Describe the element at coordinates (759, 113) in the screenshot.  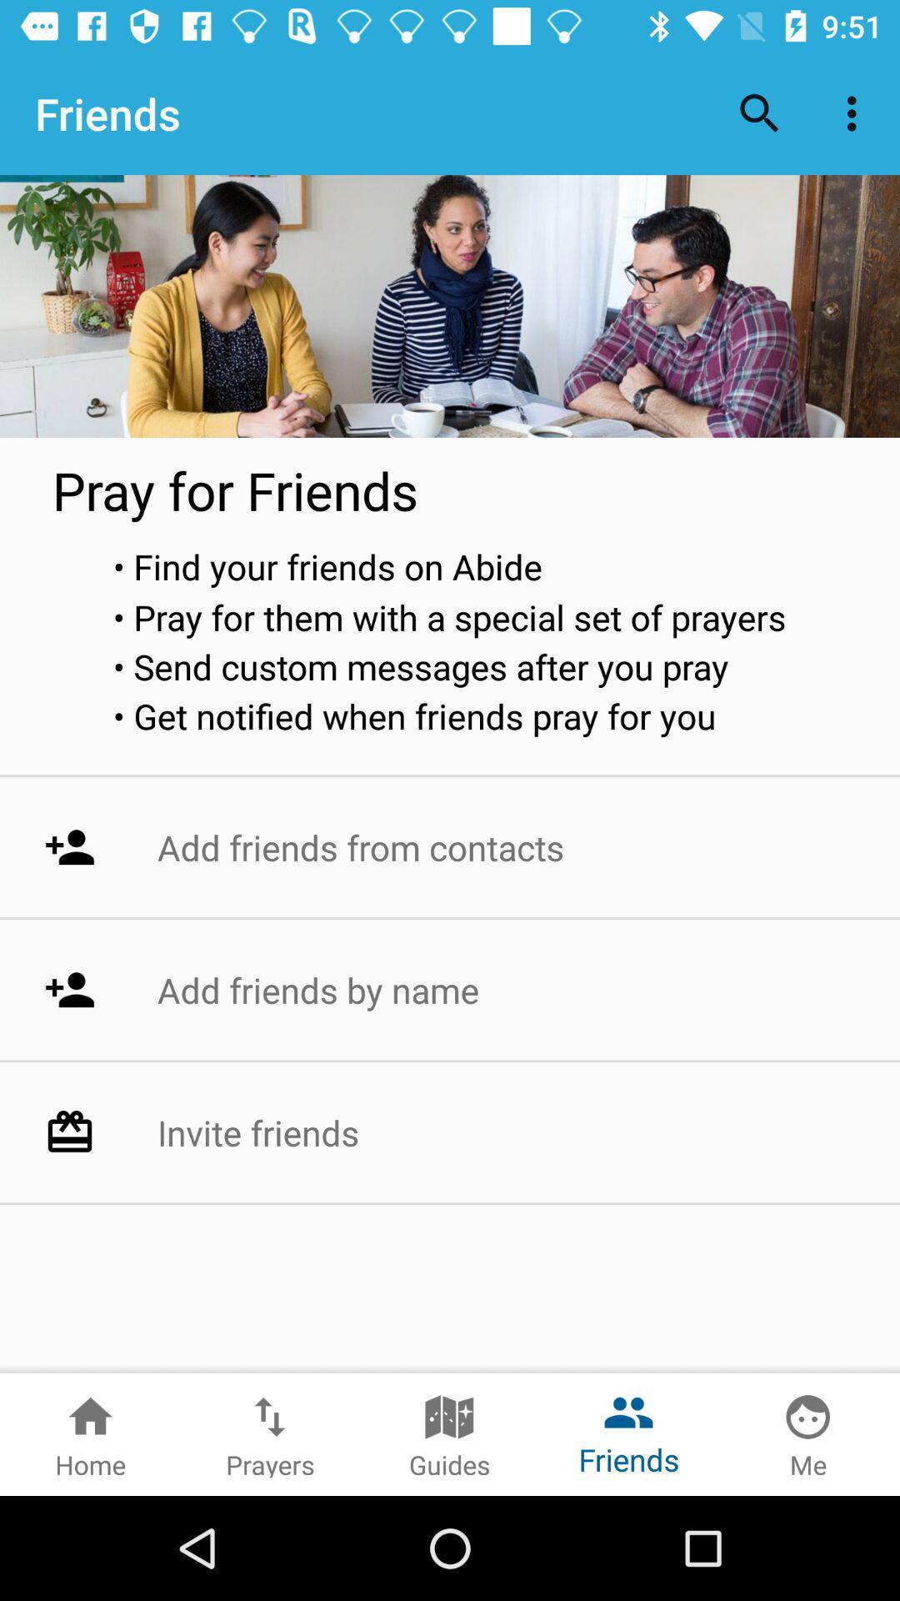
I see `the item next to the friends item` at that location.